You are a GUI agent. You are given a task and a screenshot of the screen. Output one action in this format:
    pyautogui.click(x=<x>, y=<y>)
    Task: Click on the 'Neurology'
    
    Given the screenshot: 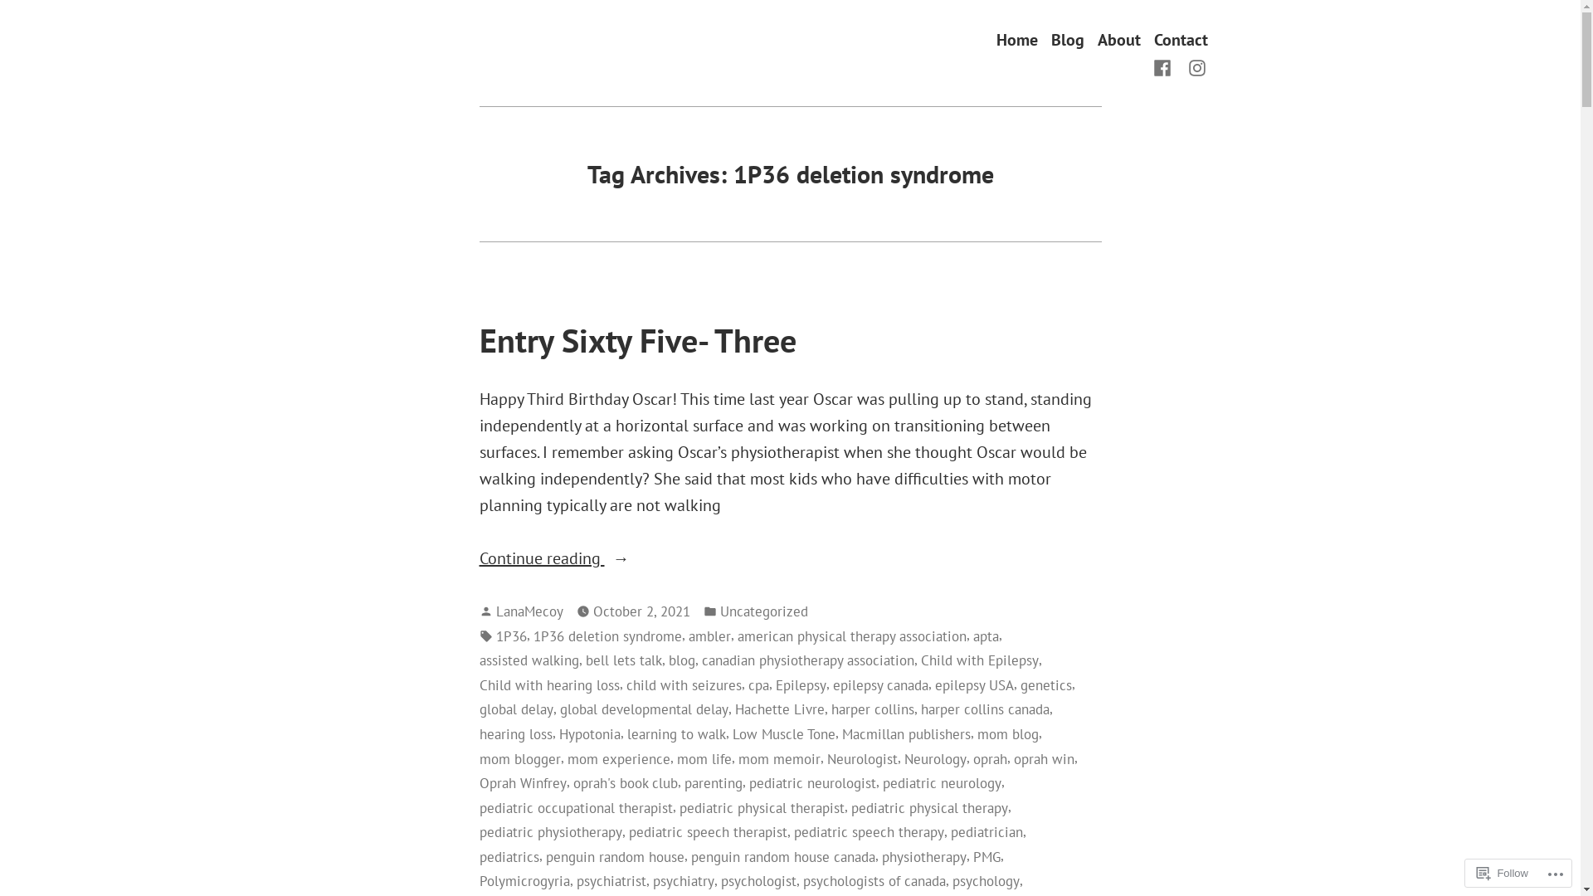 What is the action you would take?
    pyautogui.click(x=935, y=758)
    